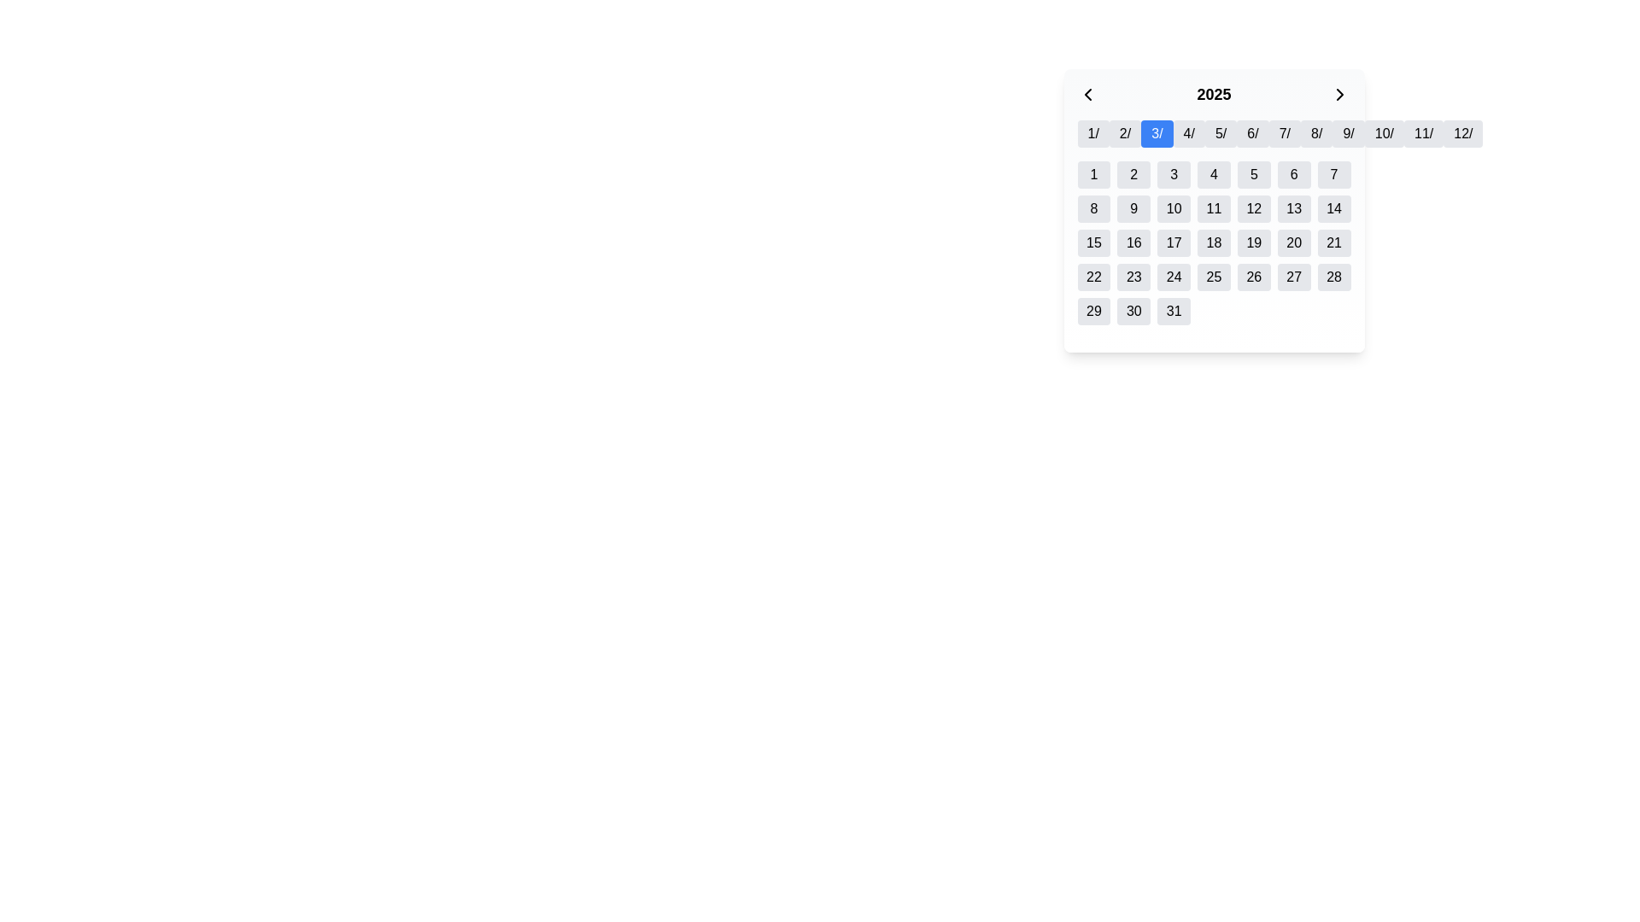 The image size is (1640, 922). I want to click on the button representing the date '3rd' in the March 2025 calendar, so click(1173, 174).